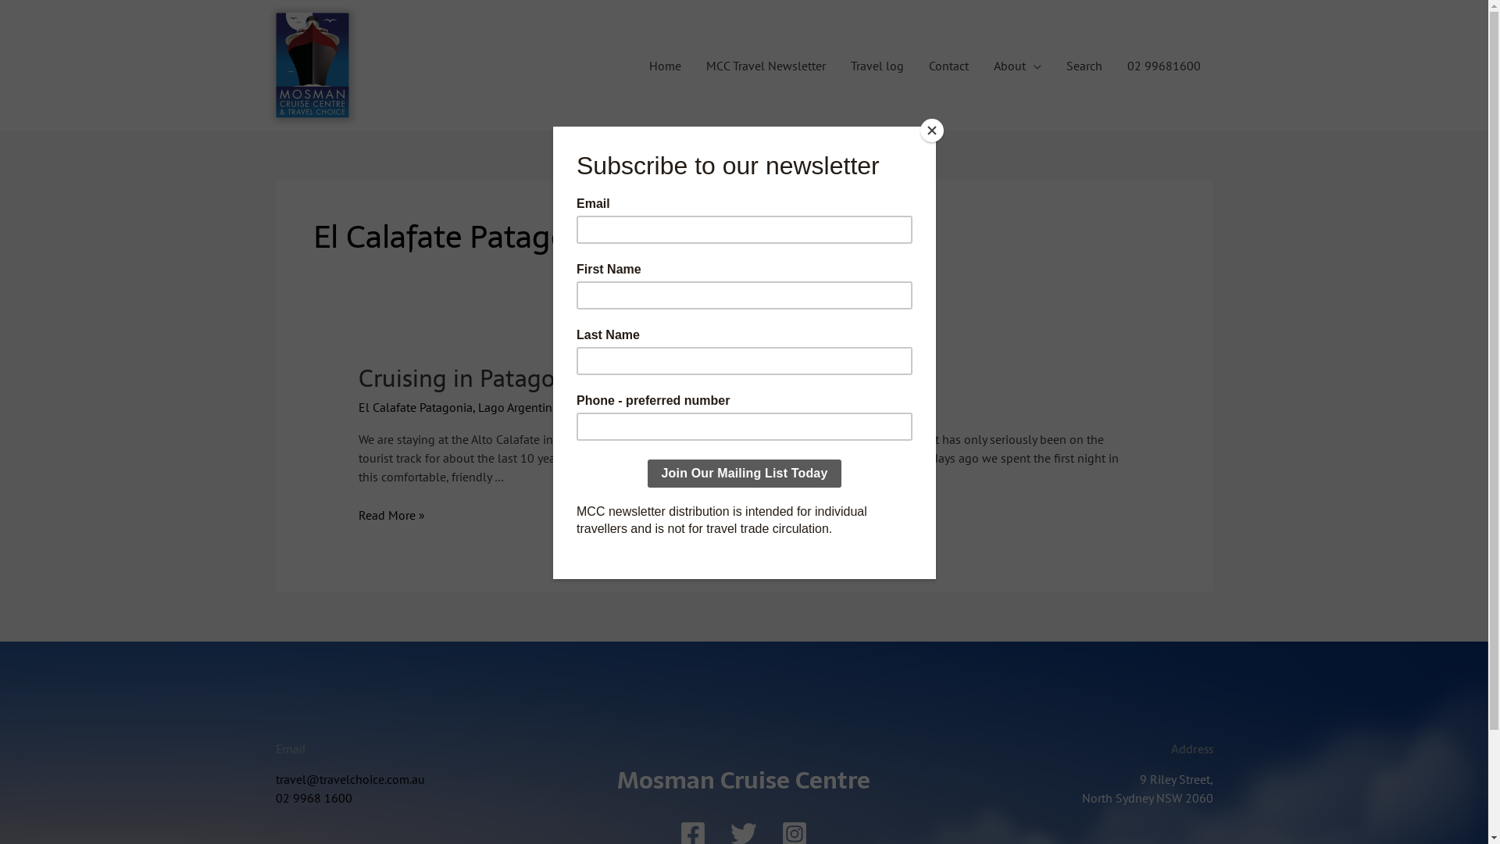 This screenshot has height=844, width=1500. I want to click on '02 9968 1600', so click(312, 798).